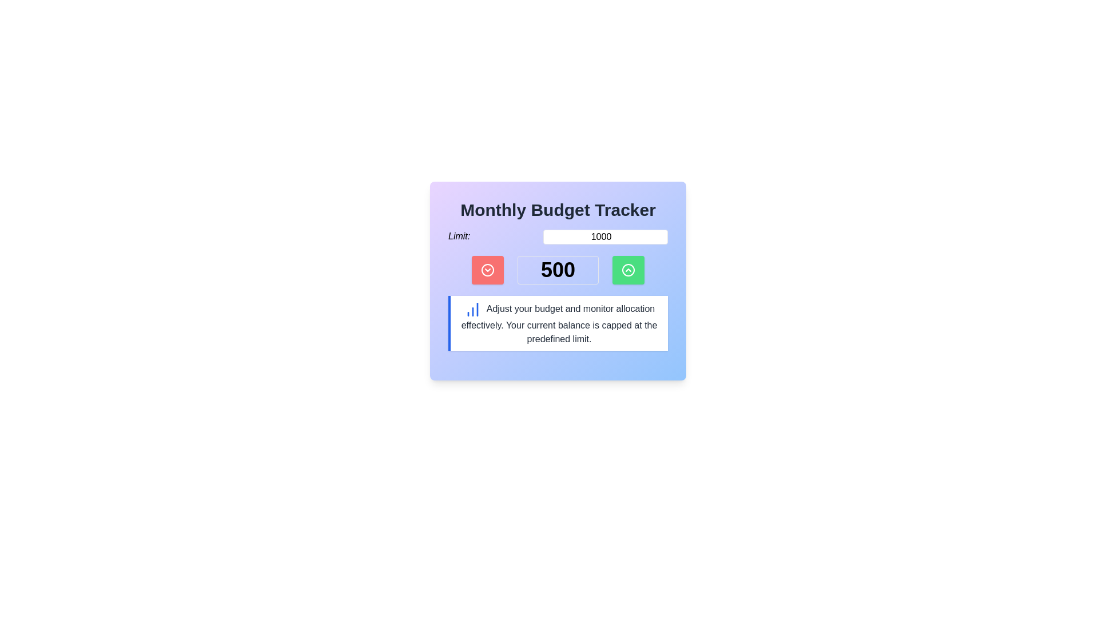 The height and width of the screenshot is (617, 1098). What do you see at coordinates (628, 270) in the screenshot?
I see `the third button in the row, which is positioned to the right of the numeral '500'` at bounding box center [628, 270].